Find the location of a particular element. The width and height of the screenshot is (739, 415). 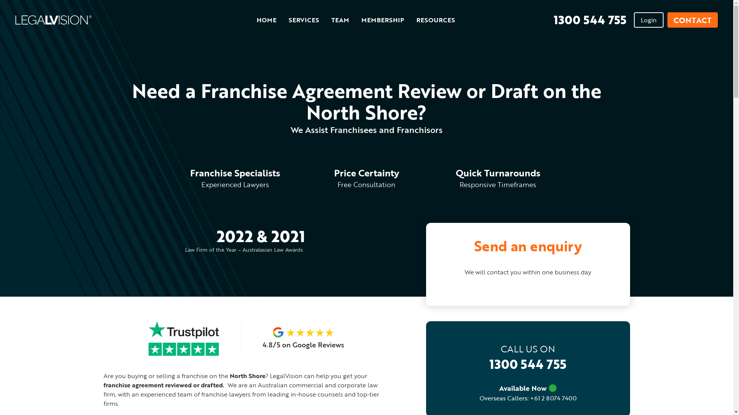

'TEAM' is located at coordinates (331, 20).